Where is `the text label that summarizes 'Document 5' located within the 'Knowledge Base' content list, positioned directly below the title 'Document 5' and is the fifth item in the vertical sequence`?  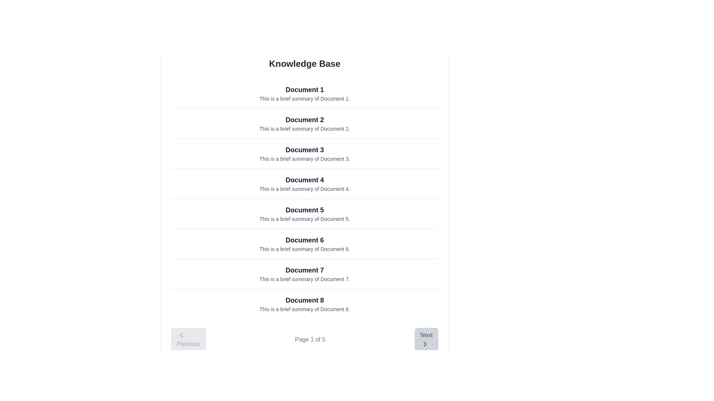
the text label that summarizes 'Document 5' located within the 'Knowledge Base' content list, positioned directly below the title 'Document 5' and is the fifth item in the vertical sequence is located at coordinates (305, 219).